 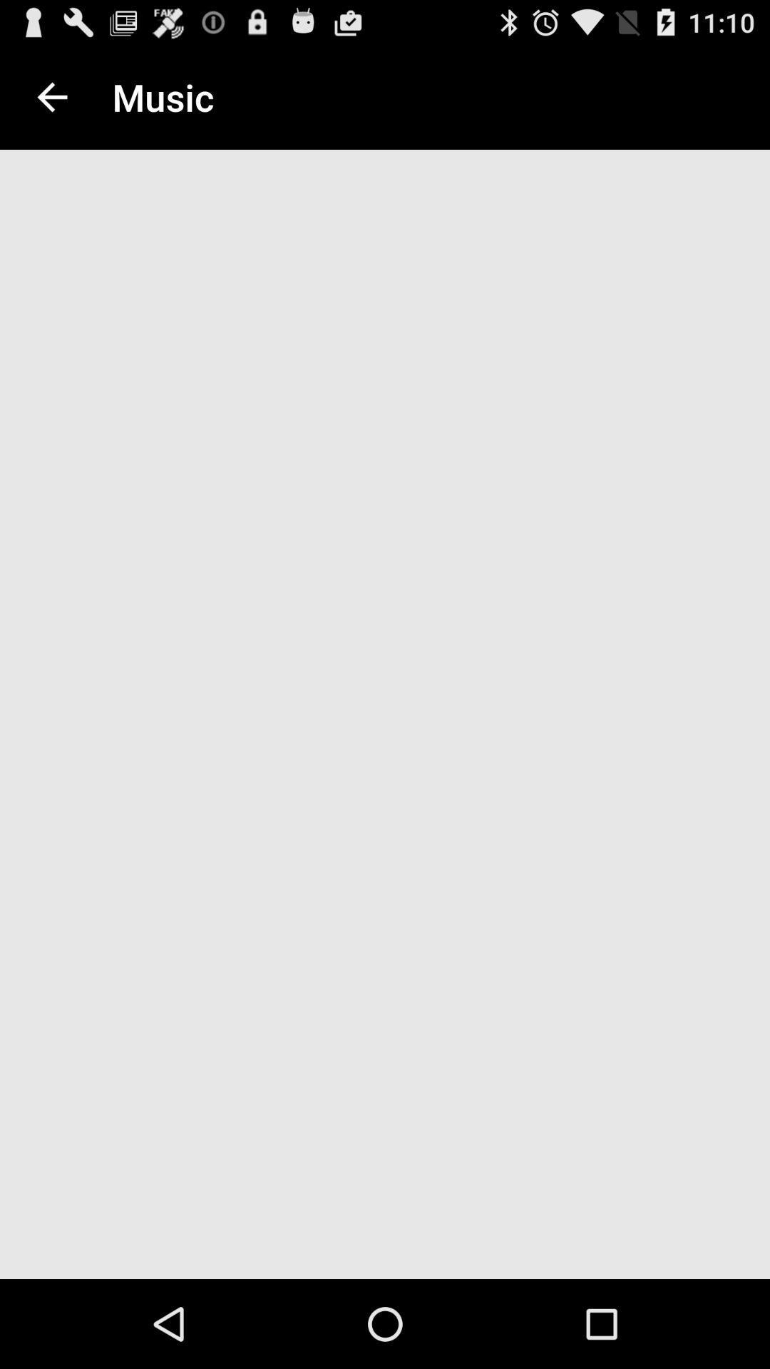 I want to click on icon next to the music app, so click(x=51, y=96).